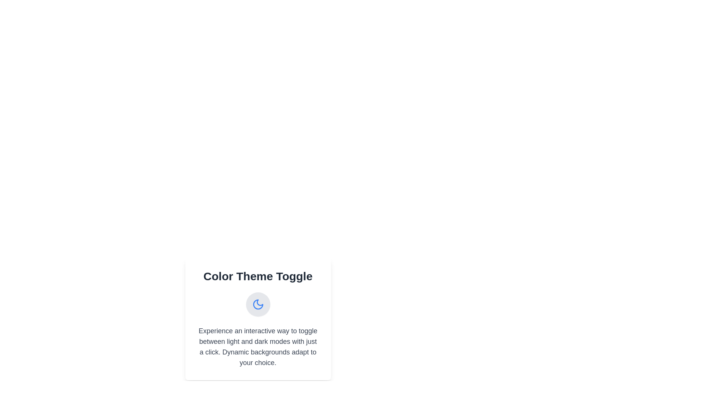 The height and width of the screenshot is (409, 728). What do you see at coordinates (258, 304) in the screenshot?
I see `the SVG icon representing the night mode toggle, which is part of a circular button with a light gray background located under the 'Color Theme Toggle' title` at bounding box center [258, 304].